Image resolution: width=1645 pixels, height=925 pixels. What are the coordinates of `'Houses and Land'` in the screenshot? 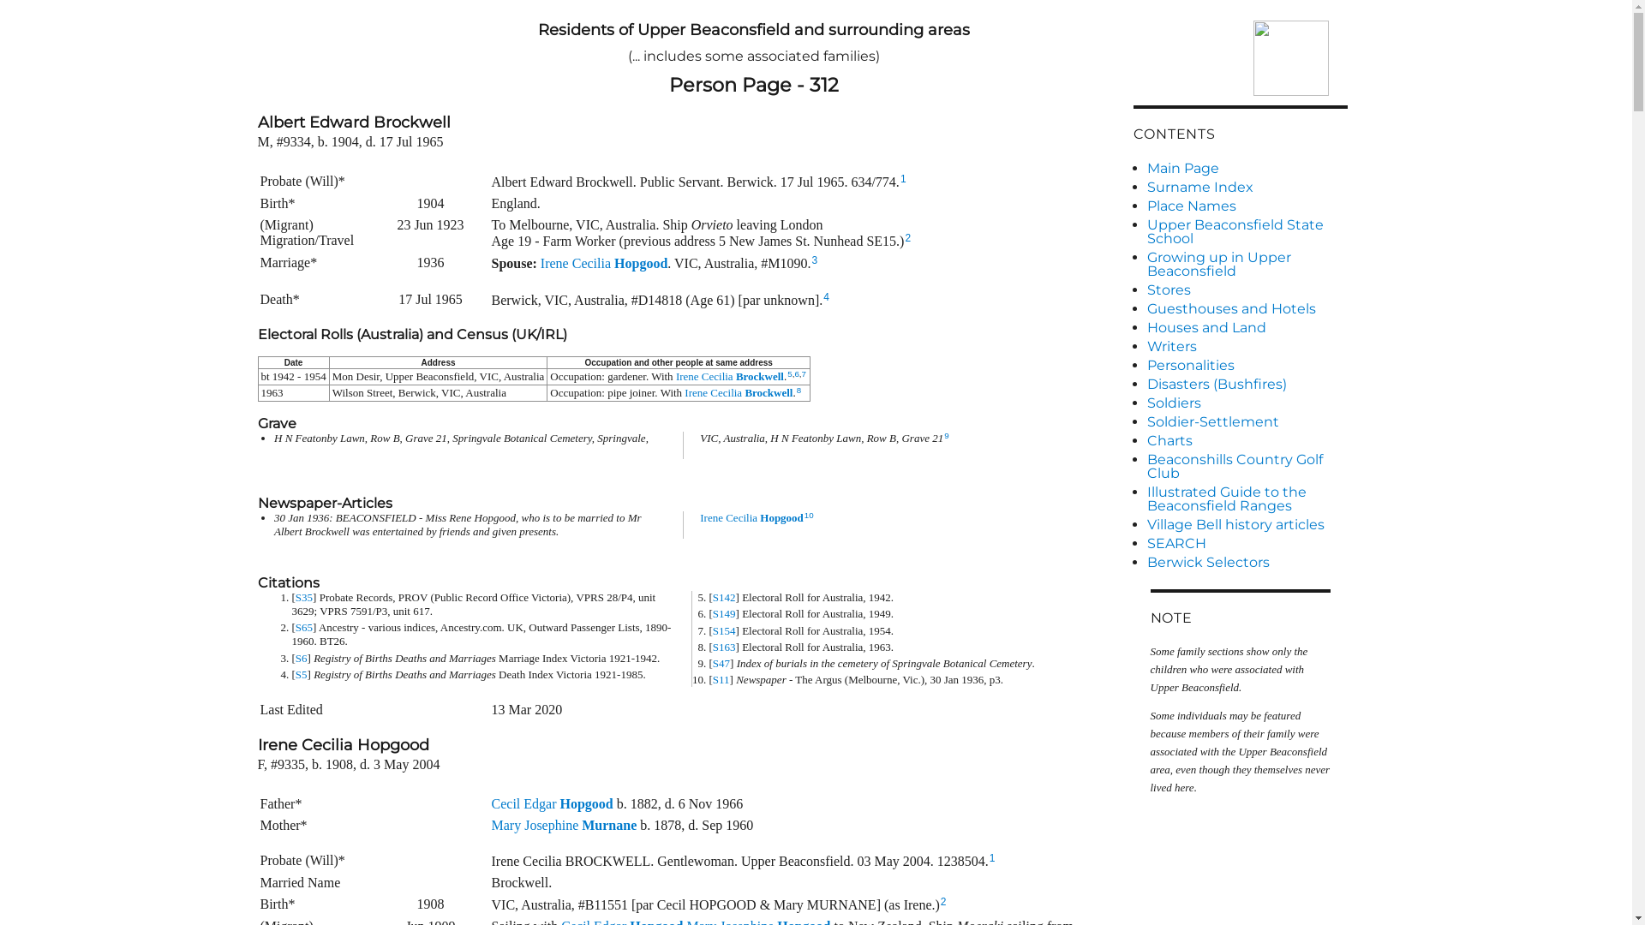 It's located at (1246, 327).